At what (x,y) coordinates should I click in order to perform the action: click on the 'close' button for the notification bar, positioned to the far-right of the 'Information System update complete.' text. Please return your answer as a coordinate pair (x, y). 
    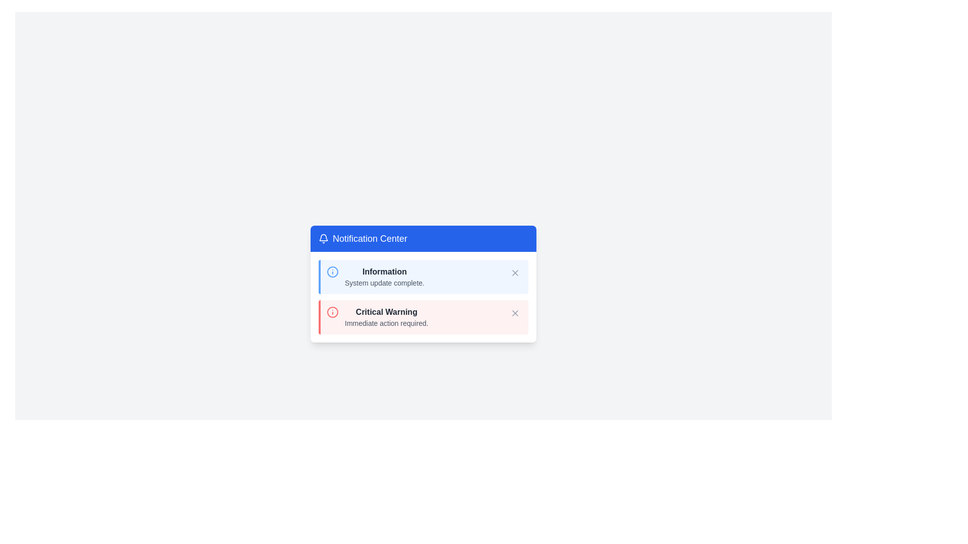
    Looking at the image, I should click on (515, 273).